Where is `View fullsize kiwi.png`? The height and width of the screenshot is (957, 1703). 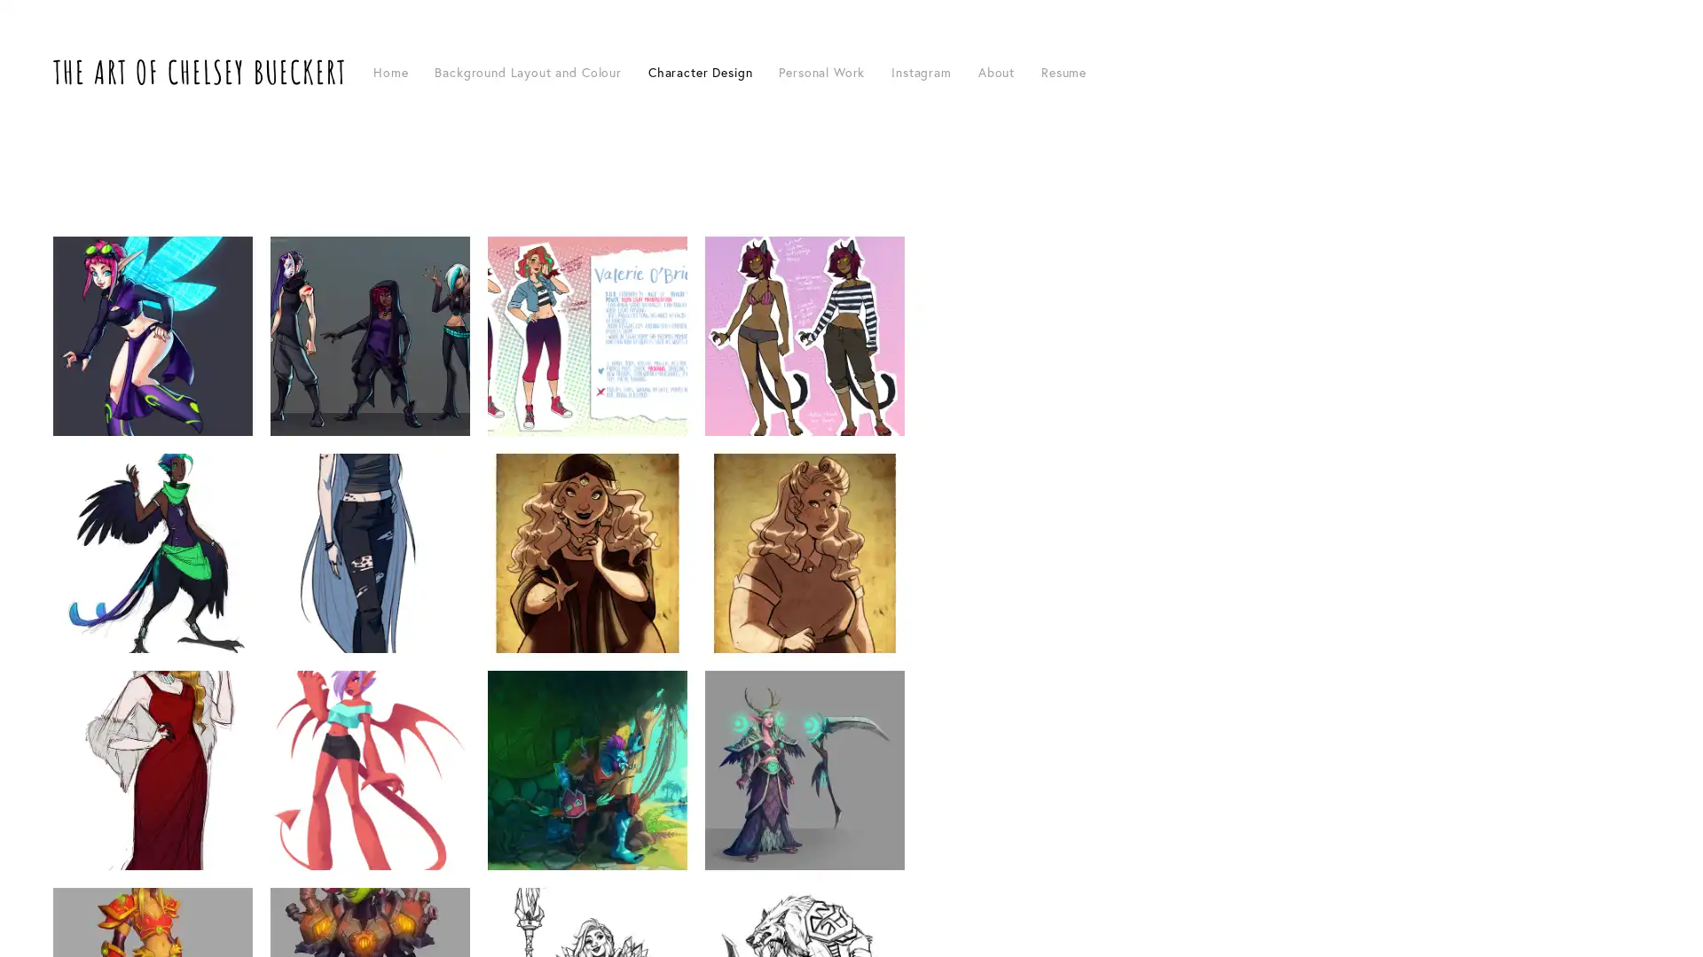 View fullsize kiwi.png is located at coordinates (153, 552).